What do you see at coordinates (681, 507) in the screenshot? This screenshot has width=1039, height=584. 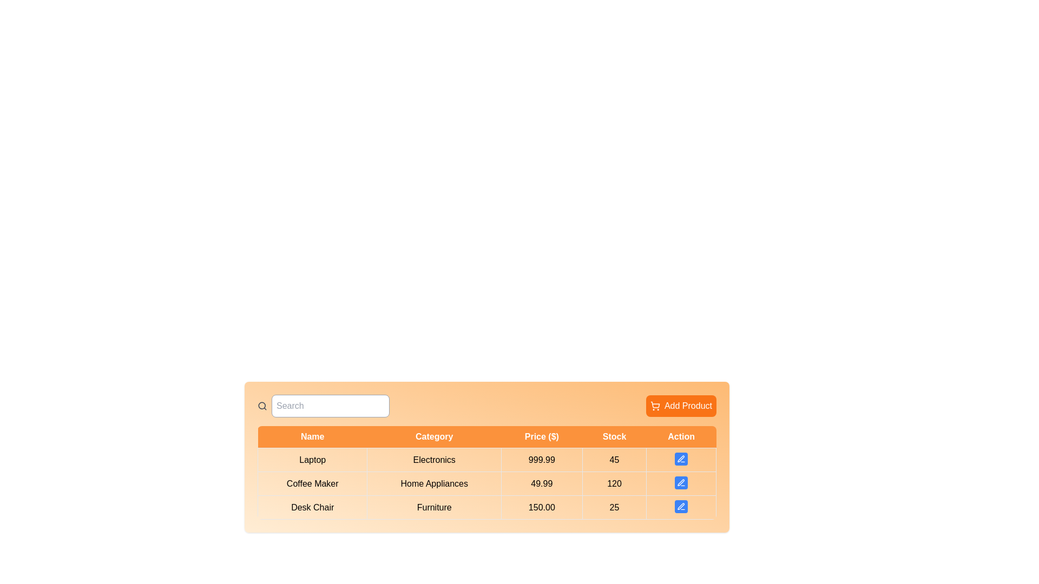 I see `the blue square button with a rounded corner and a white pen icon located in the last row of the 'Action' column, corresponding to the 'Desk Chair' entry` at bounding box center [681, 507].